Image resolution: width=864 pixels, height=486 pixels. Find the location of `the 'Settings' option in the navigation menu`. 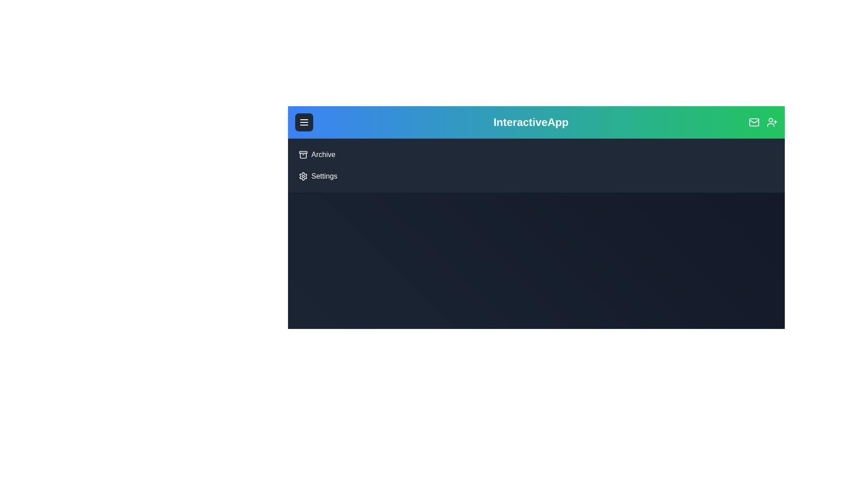

the 'Settings' option in the navigation menu is located at coordinates (311, 171).